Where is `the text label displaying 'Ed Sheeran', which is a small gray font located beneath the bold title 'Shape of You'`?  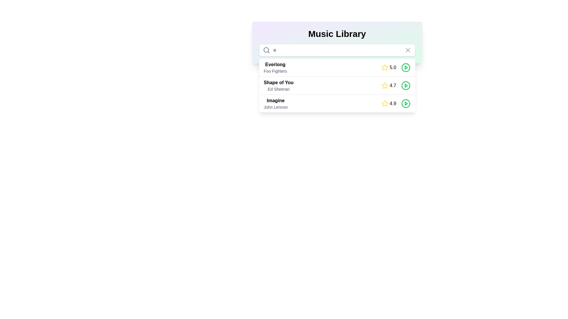
the text label displaying 'Ed Sheeran', which is a small gray font located beneath the bold title 'Shape of You' is located at coordinates (278, 89).